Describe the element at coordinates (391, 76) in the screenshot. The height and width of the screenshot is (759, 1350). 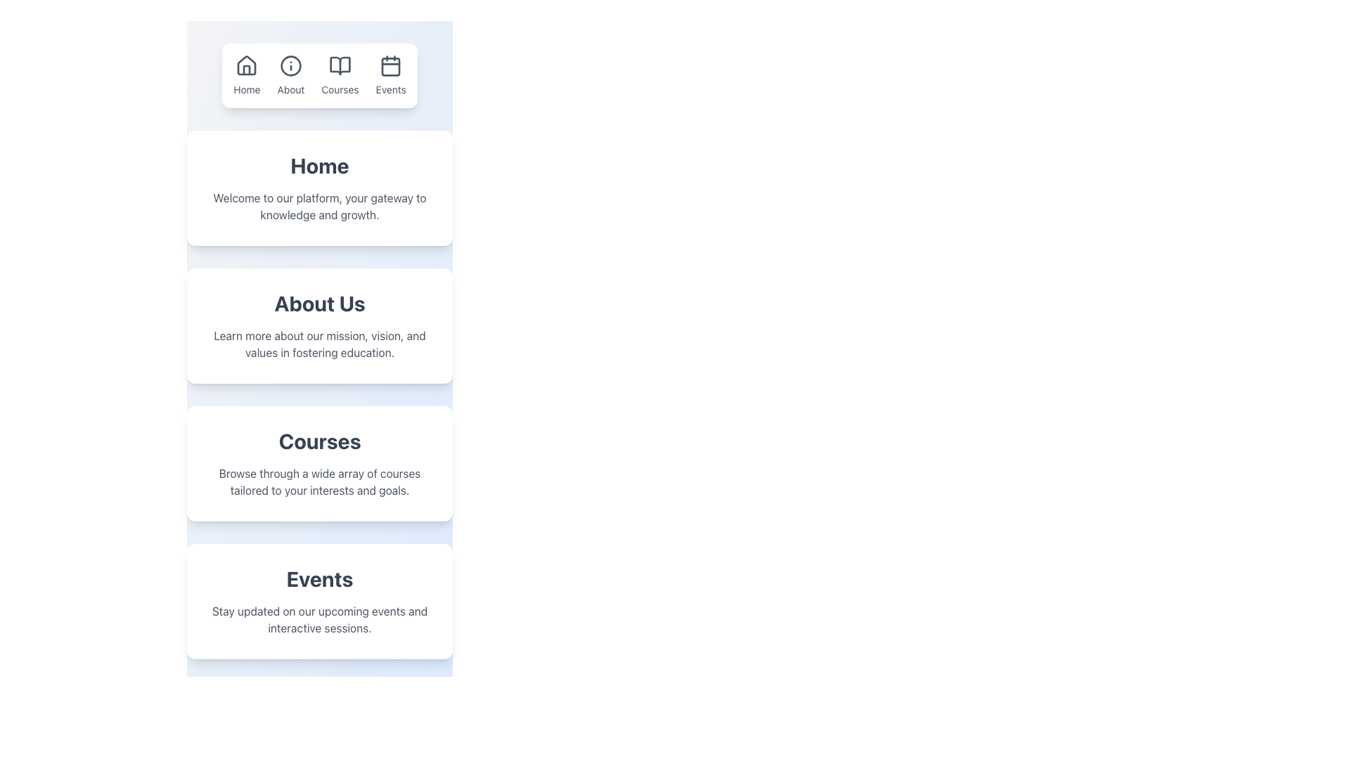
I see `the interactive link with an icon and text in the top navigation bar that navigates to the 'Events' section to activate hover effects` at that location.